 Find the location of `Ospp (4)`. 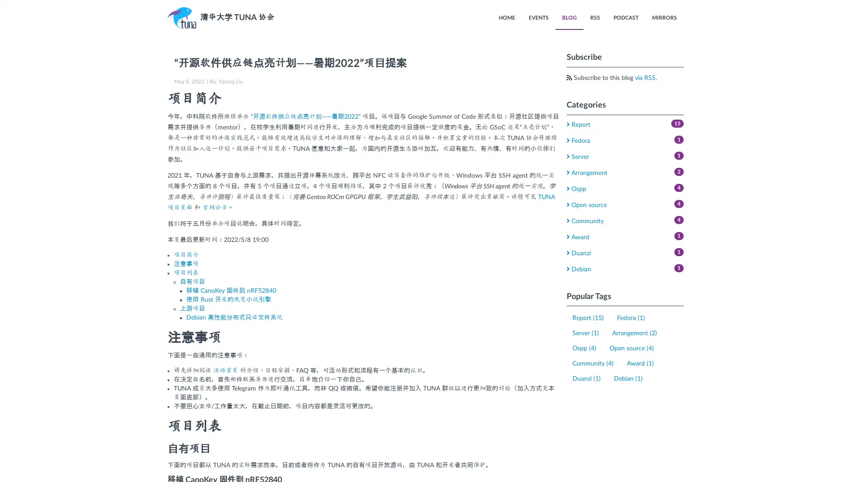

Ospp (4) is located at coordinates (584, 348).